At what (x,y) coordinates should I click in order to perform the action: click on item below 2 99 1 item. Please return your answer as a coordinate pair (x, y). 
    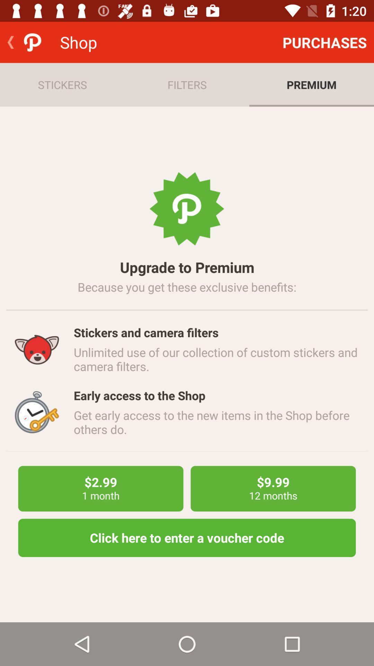
    Looking at the image, I should click on (187, 537).